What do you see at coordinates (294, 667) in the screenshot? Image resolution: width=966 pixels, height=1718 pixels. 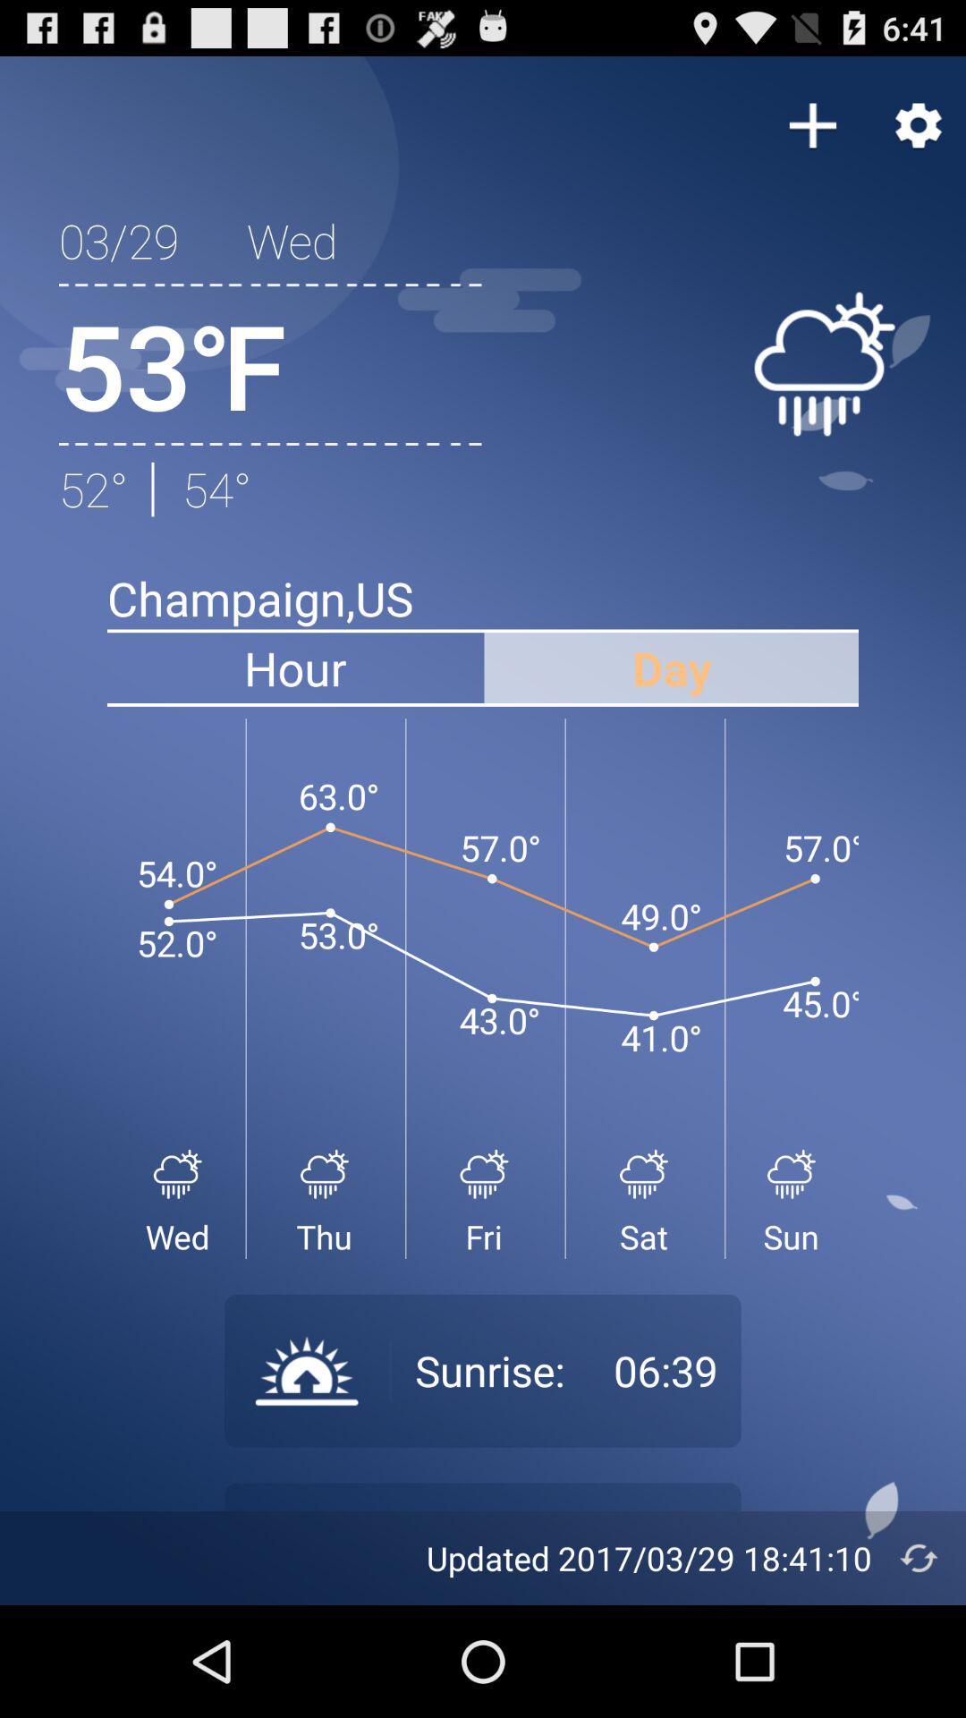 I see `icon to the left of day` at bounding box center [294, 667].